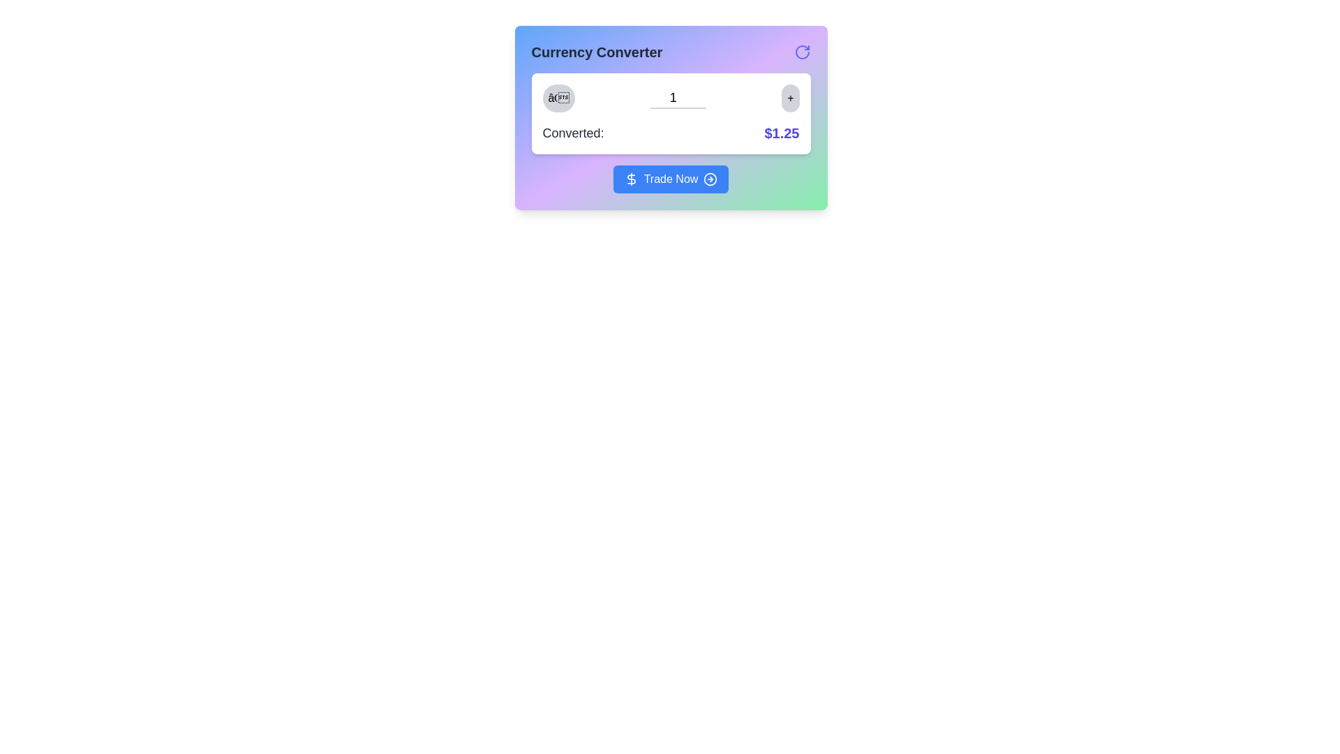 This screenshot has width=1340, height=754. Describe the element at coordinates (790, 98) in the screenshot. I see `the circular increment button with a gray background and a centered plus sign ('+') to increment the value in the quantity adjustment section` at that location.